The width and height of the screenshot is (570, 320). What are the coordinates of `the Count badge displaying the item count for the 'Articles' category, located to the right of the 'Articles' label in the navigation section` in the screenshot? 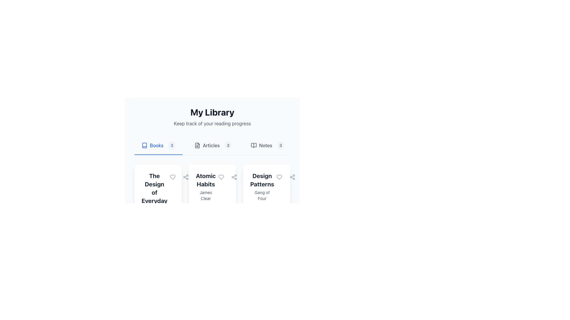 It's located at (228, 145).